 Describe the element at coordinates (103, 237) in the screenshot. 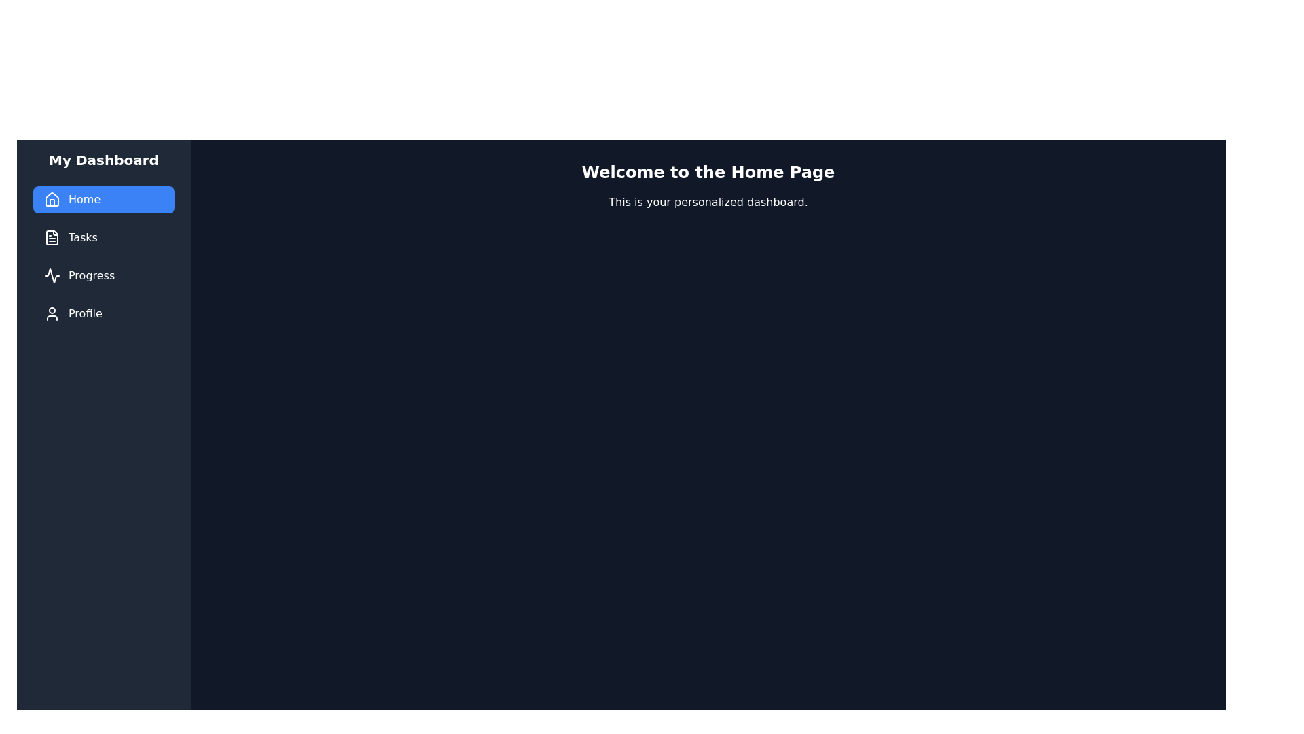

I see `the 'Tasks' button located in the vertical menu under 'My Dashboard'` at that location.